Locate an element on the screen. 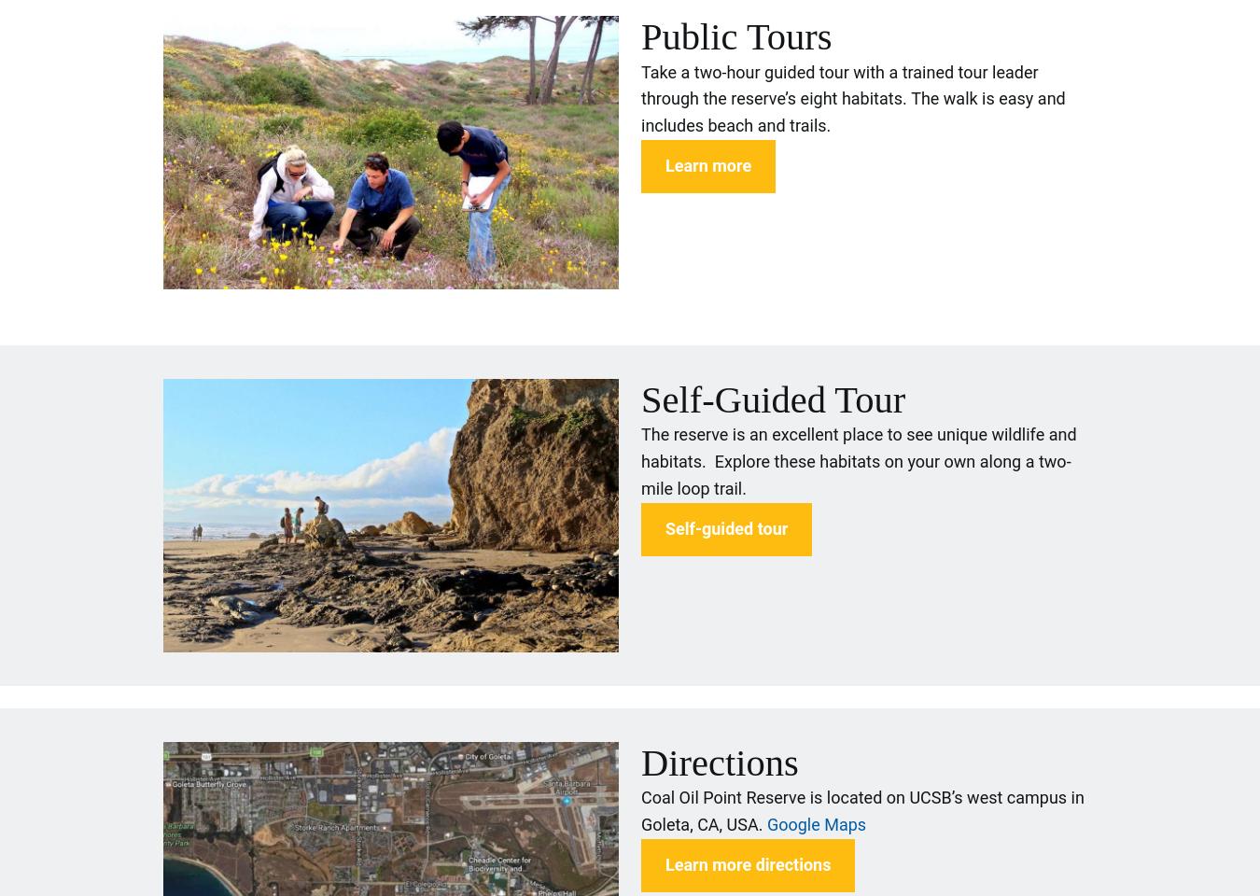 The height and width of the screenshot is (896, 1260). 'Learn more directions' is located at coordinates (747, 863).